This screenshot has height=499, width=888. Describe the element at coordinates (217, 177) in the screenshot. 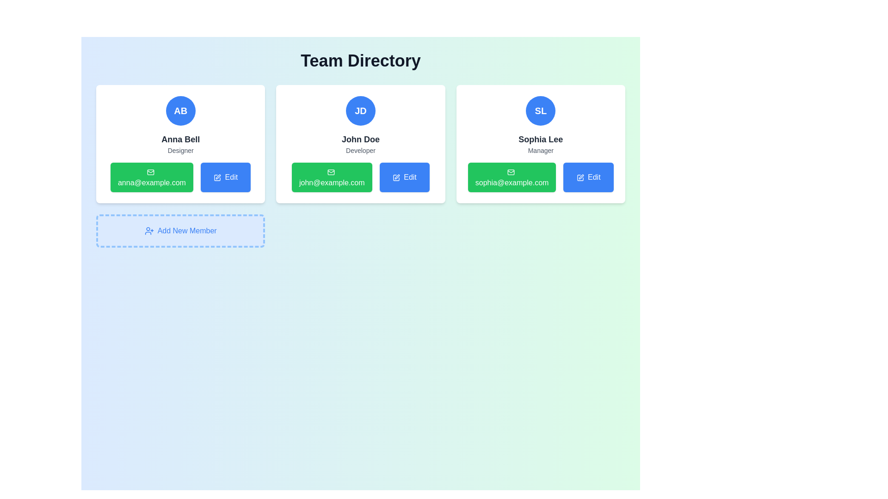

I see `the editing icon within the 'Edit' button of Anna Bell's user card, located to the left of the 'Edit' text` at that location.